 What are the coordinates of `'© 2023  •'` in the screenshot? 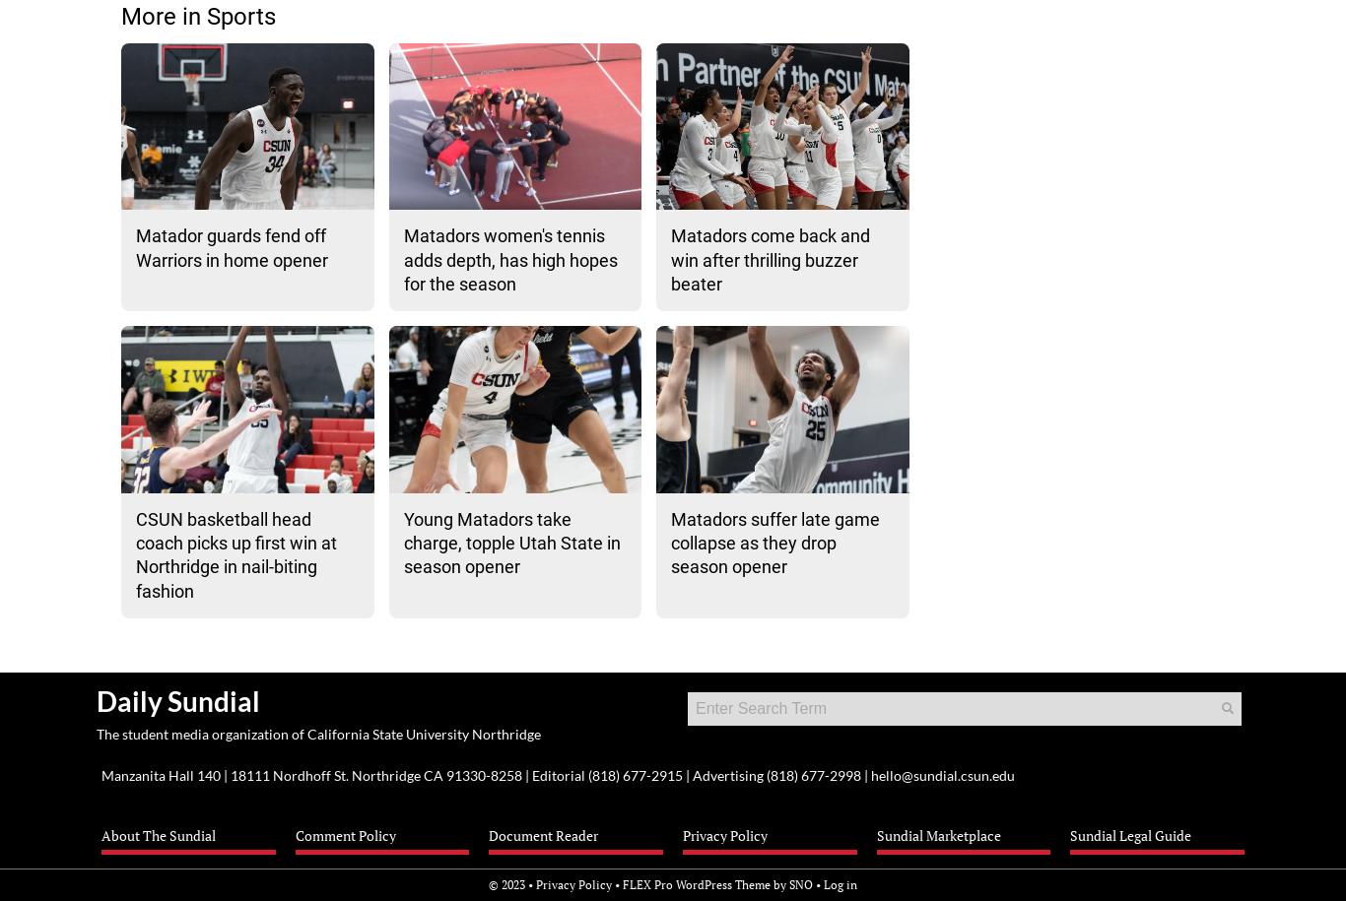 It's located at (512, 882).